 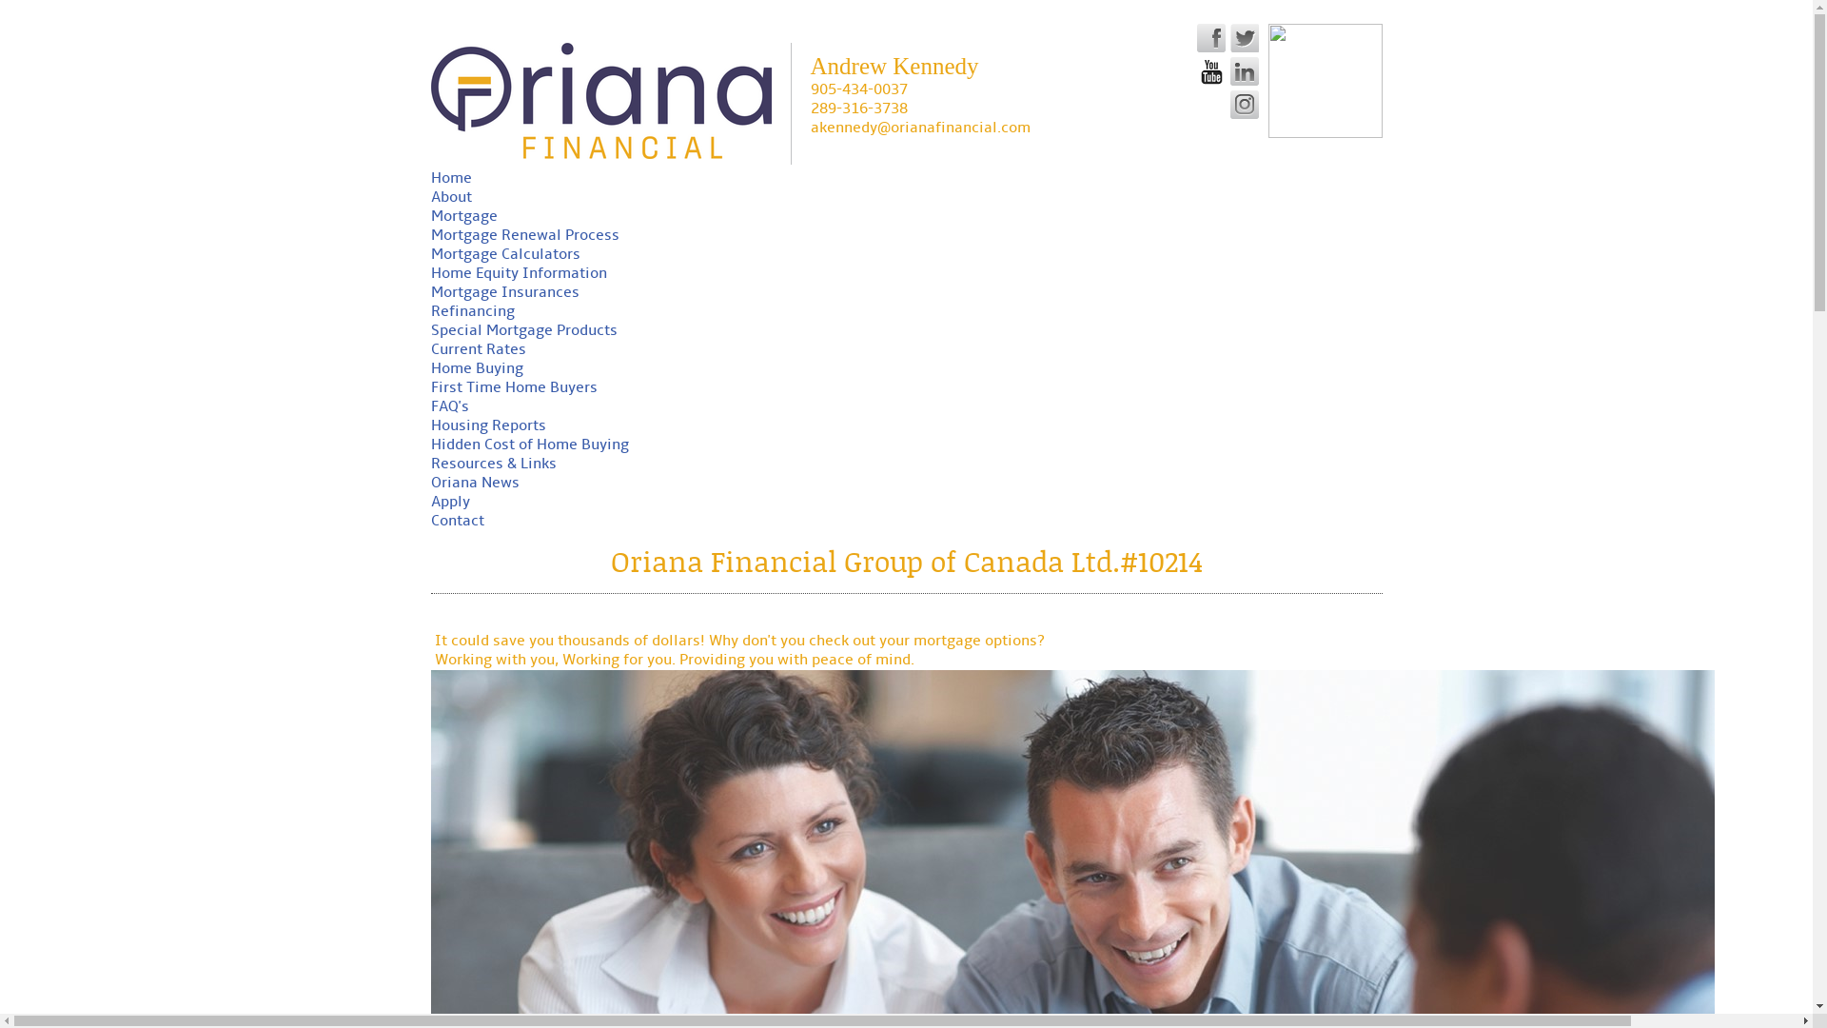 I want to click on 'Home Equity Information', so click(x=518, y=274).